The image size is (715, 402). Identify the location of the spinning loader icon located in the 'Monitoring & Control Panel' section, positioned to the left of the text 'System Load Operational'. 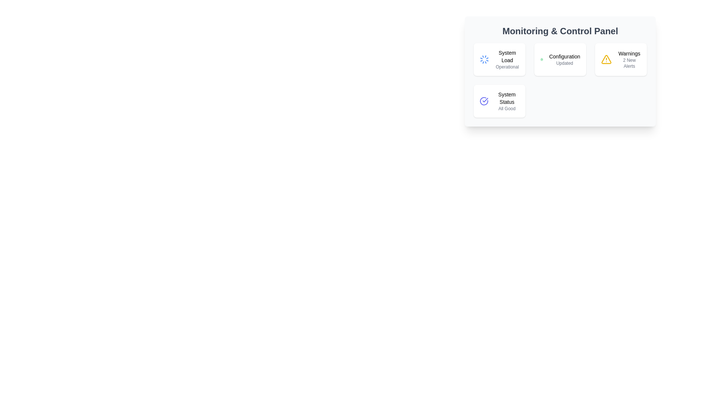
(484, 59).